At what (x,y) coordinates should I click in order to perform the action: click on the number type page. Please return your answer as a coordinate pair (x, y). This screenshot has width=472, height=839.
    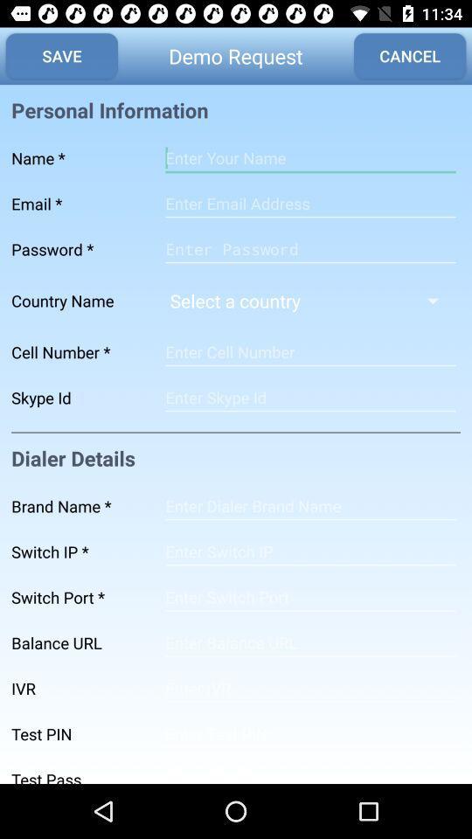
    Looking at the image, I should click on (309, 597).